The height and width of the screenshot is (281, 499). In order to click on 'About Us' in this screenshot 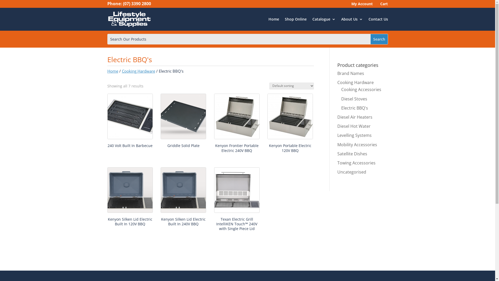, I will do `click(352, 19)`.